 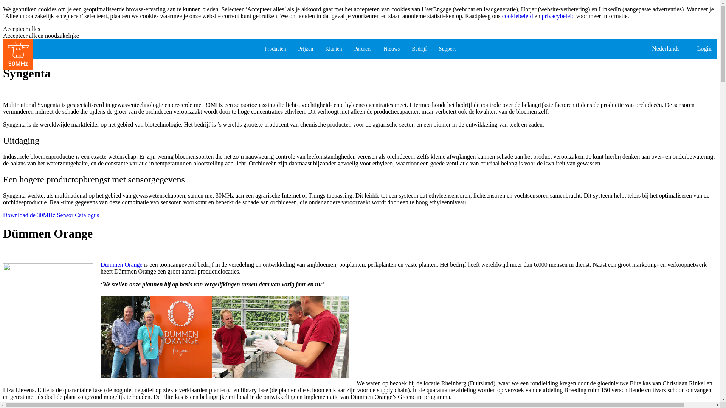 I want to click on 'privacybeleid', so click(x=558, y=16).